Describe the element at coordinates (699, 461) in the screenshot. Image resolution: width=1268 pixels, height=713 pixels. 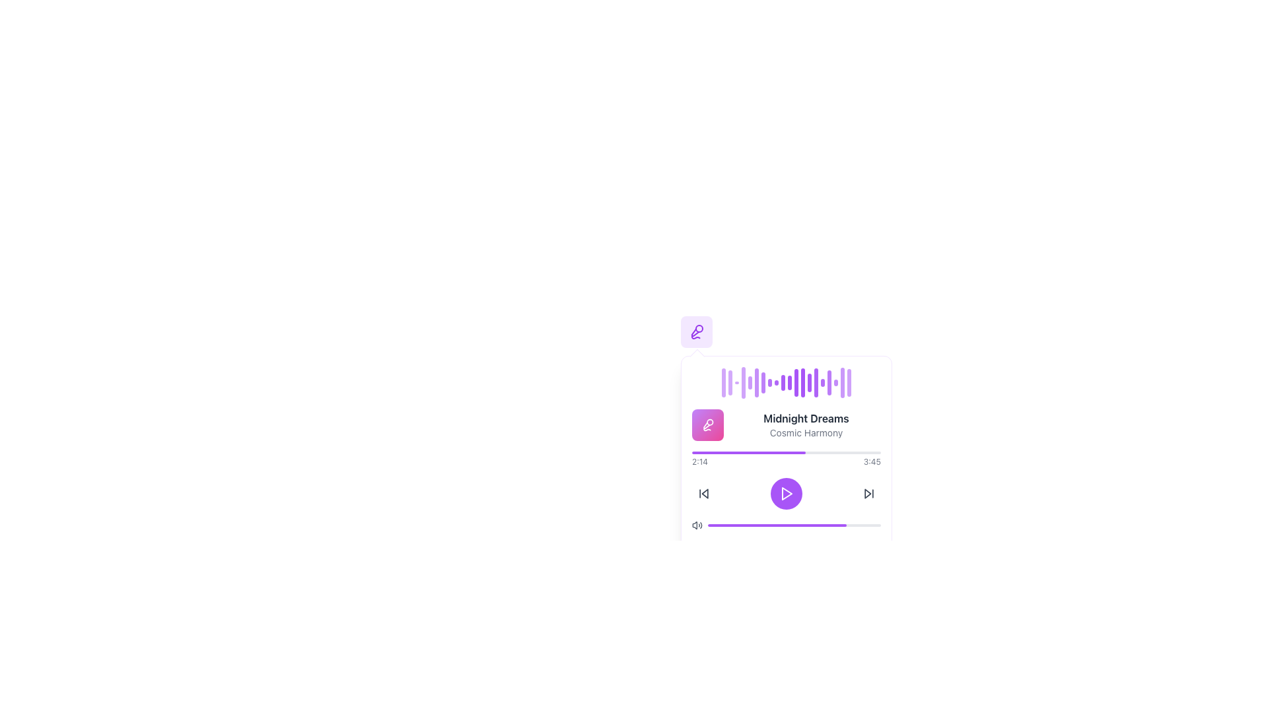
I see `current playback time displayed in the text label '2:14' located at the bottom left of the media timeline` at that location.